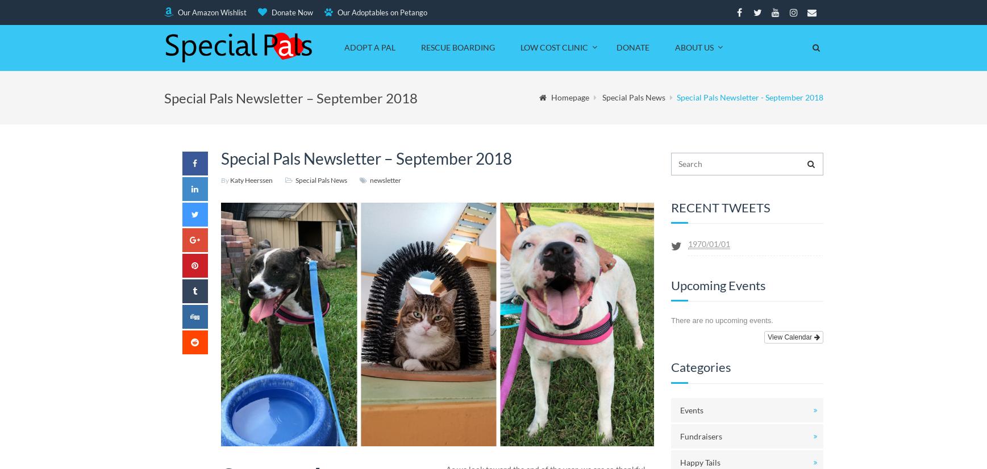 The height and width of the screenshot is (469, 987). What do you see at coordinates (701, 366) in the screenshot?
I see `'Categories'` at bounding box center [701, 366].